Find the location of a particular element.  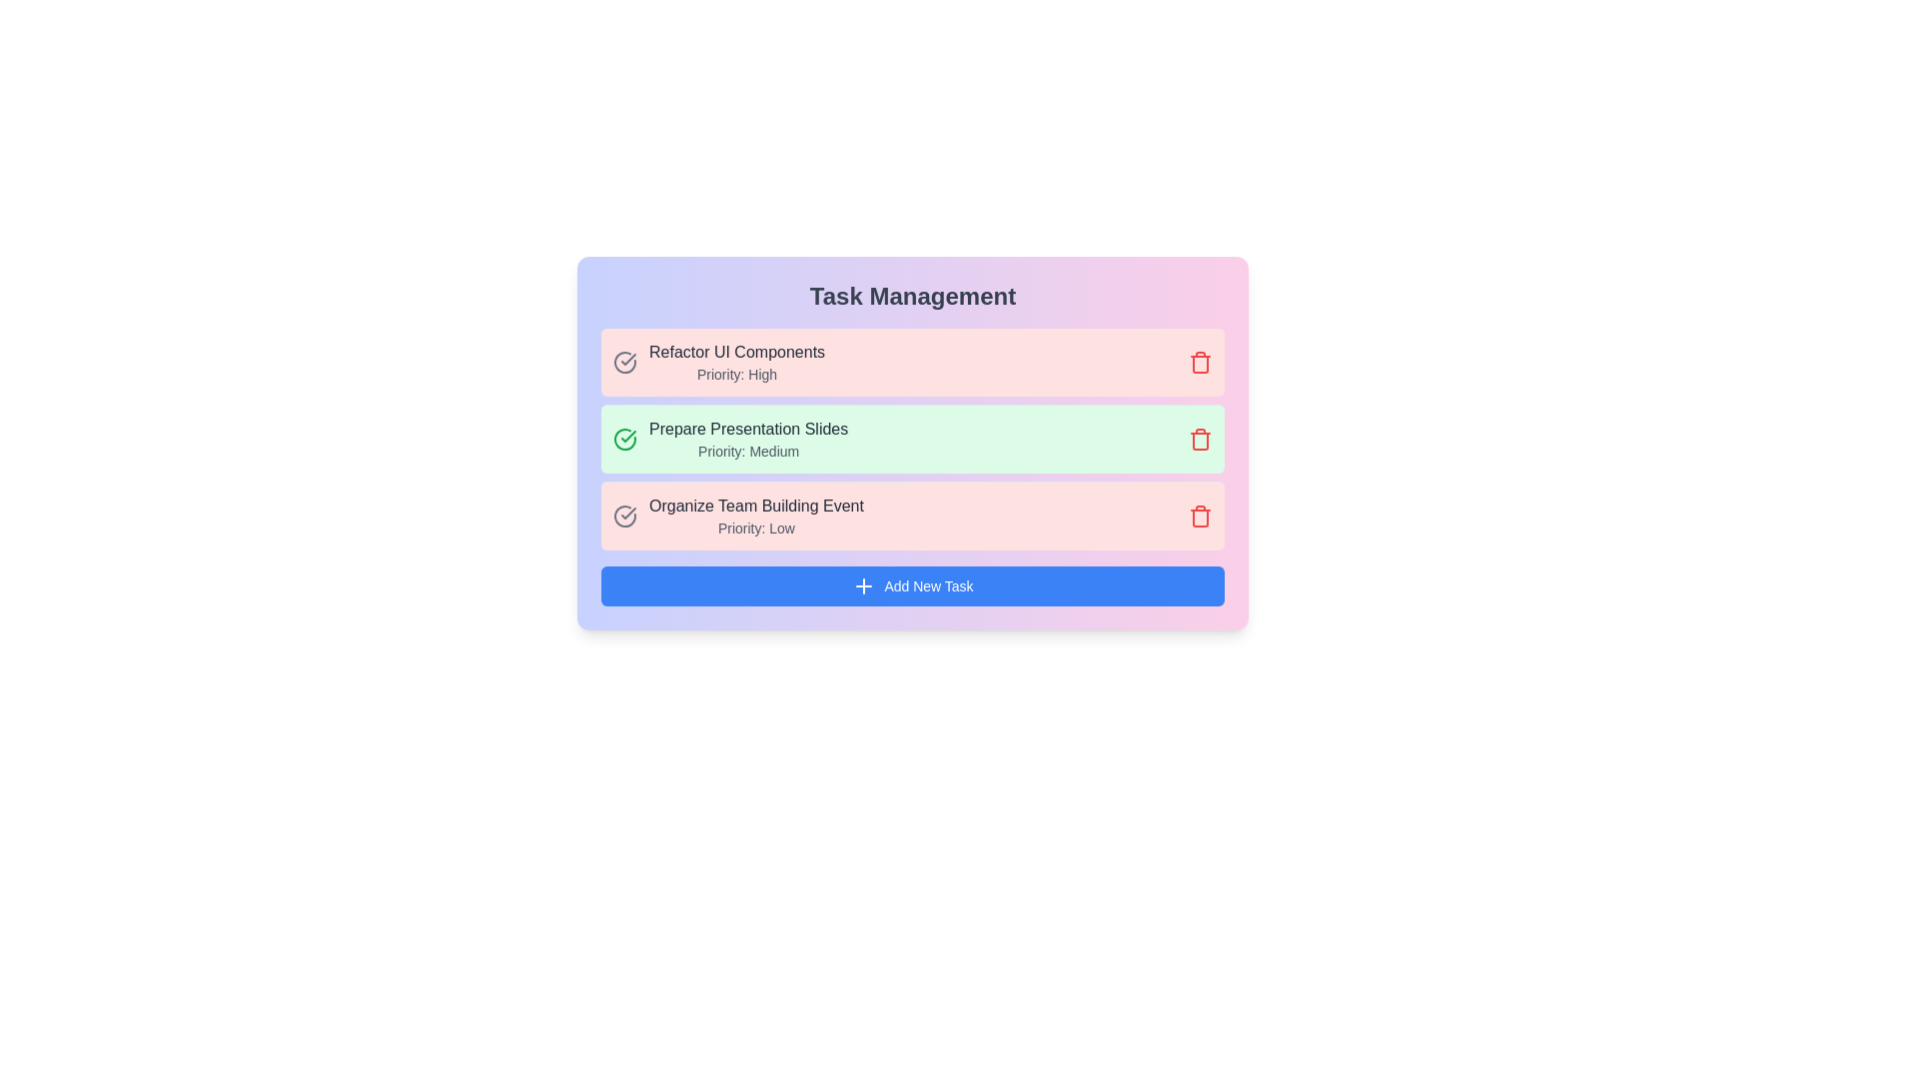

delete button for the task with the name 'Organize Team Building Event' is located at coordinates (1199, 515).